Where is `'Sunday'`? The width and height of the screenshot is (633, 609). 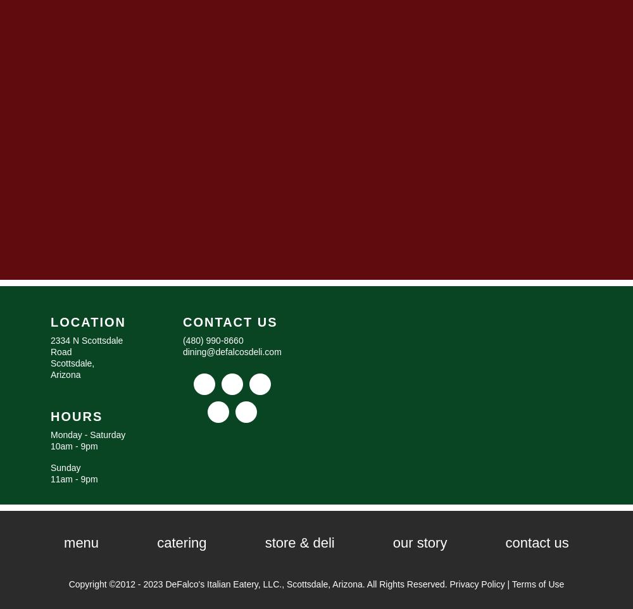
'Sunday' is located at coordinates (50, 467).